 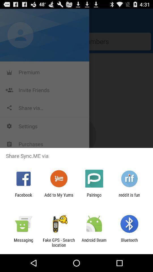 What do you see at coordinates (94, 197) in the screenshot?
I see `the palringo` at bounding box center [94, 197].